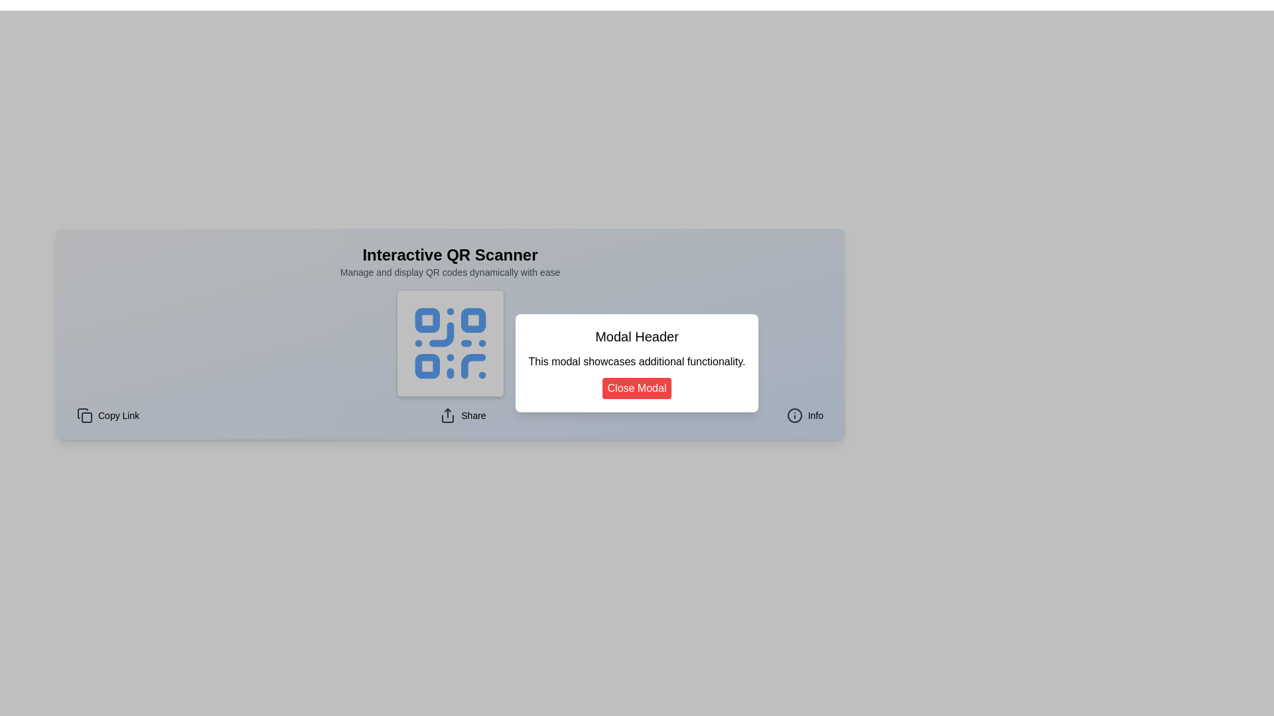 The image size is (1274, 716). I want to click on the 'Share' button in the Toolbar element, which is located at the bottom of the central panel, so click(450, 415).